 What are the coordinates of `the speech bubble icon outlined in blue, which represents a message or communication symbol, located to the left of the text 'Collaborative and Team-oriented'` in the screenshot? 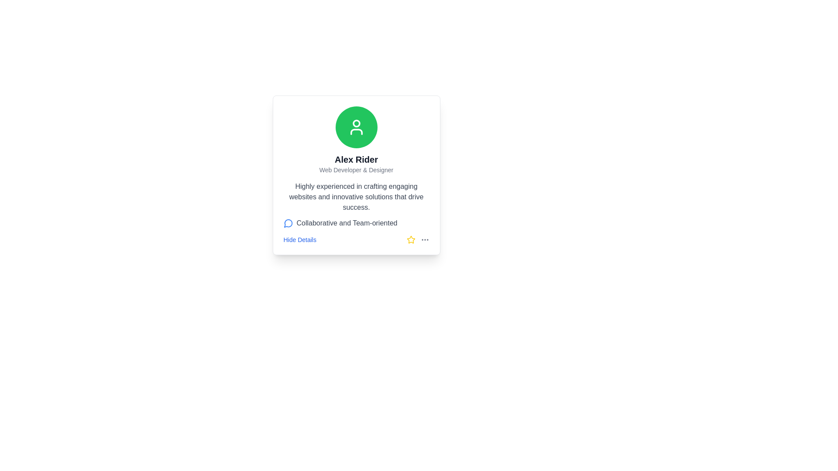 It's located at (288, 223).